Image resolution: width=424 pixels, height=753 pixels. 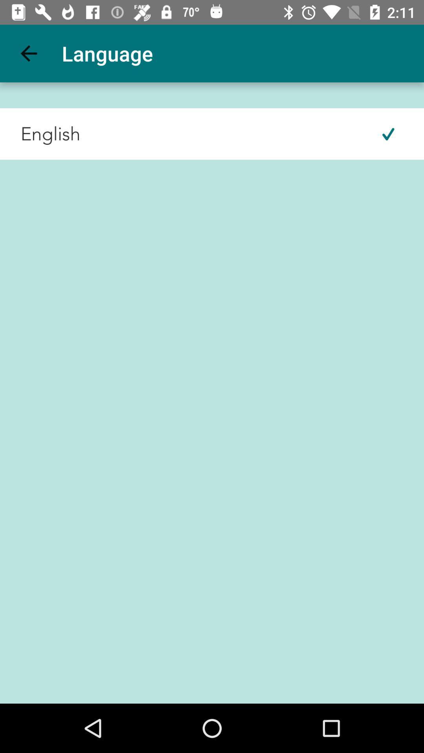 I want to click on icon at the top right corner, so click(x=387, y=134).